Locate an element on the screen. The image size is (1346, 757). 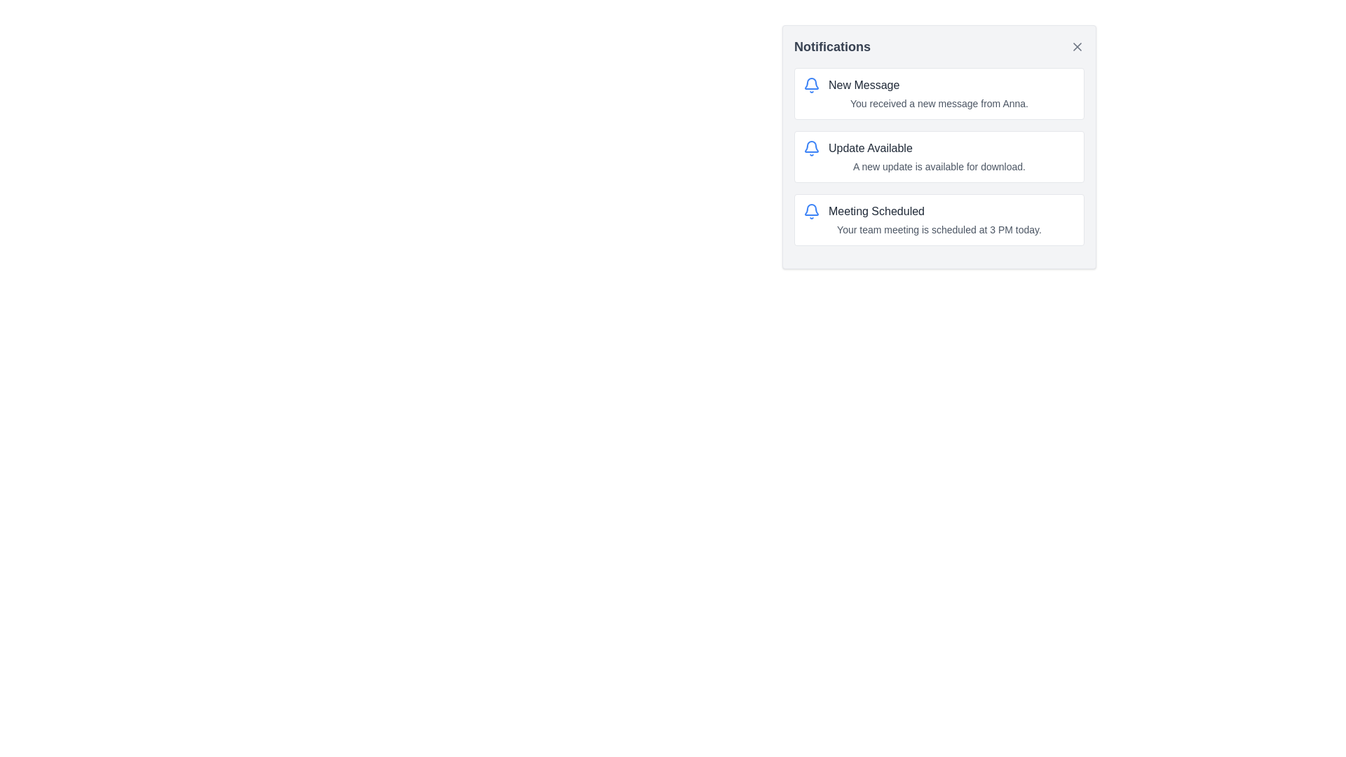
the 'Update Available' notification block is located at coordinates (939, 156).